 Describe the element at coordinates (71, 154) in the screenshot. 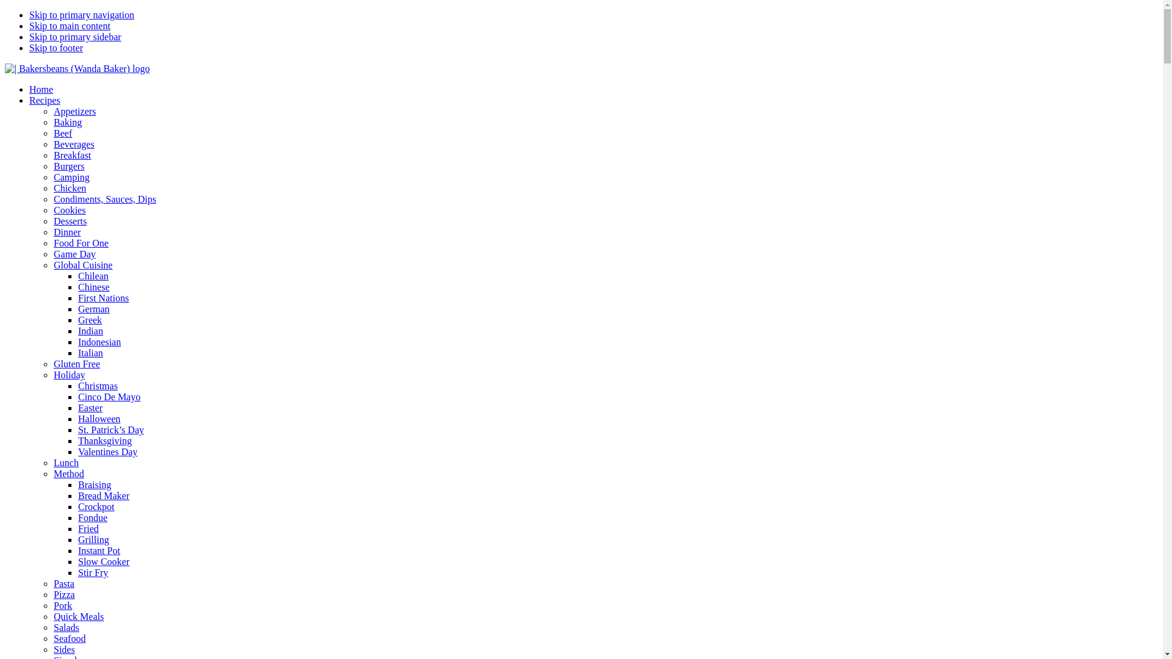

I see `'Breakfast'` at that location.